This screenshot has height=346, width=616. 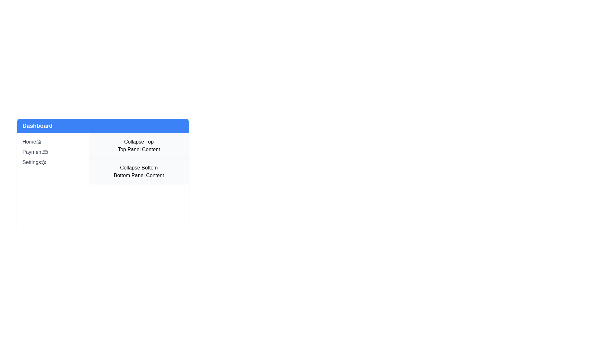 What do you see at coordinates (53, 152) in the screenshot?
I see `the 'Payment' navigation link in the left sidebar menu` at bounding box center [53, 152].